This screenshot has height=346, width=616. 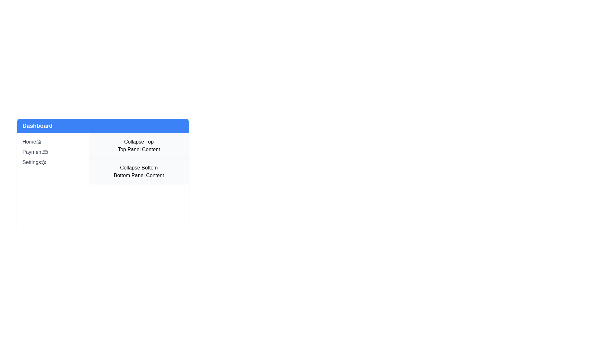 What do you see at coordinates (53, 152) in the screenshot?
I see `the 'Payment' navigation link in the left sidebar menu` at bounding box center [53, 152].